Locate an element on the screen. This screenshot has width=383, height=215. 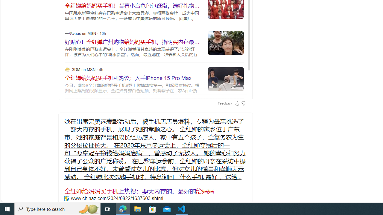
'Feedback Dislike' is located at coordinates (243, 103).